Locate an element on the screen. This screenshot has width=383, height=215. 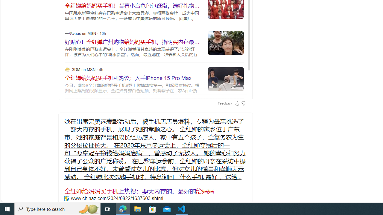
'Feedback Dislike' is located at coordinates (243, 103).